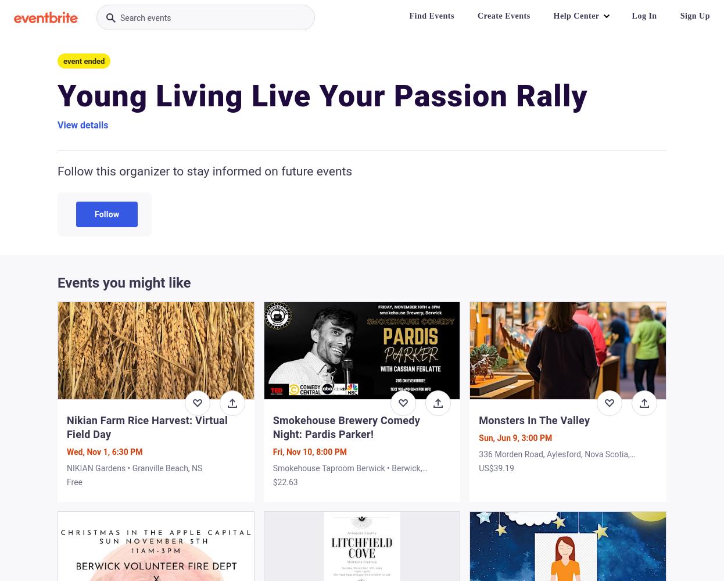 This screenshot has height=581, width=724. I want to click on 'Young Living Live Your Passion Rally', so click(321, 96).